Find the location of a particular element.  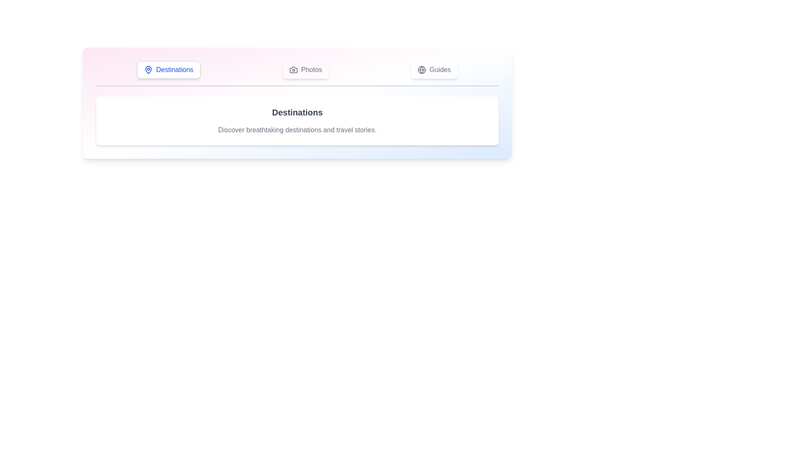

the Destinations tab to view its content is located at coordinates (168, 69).